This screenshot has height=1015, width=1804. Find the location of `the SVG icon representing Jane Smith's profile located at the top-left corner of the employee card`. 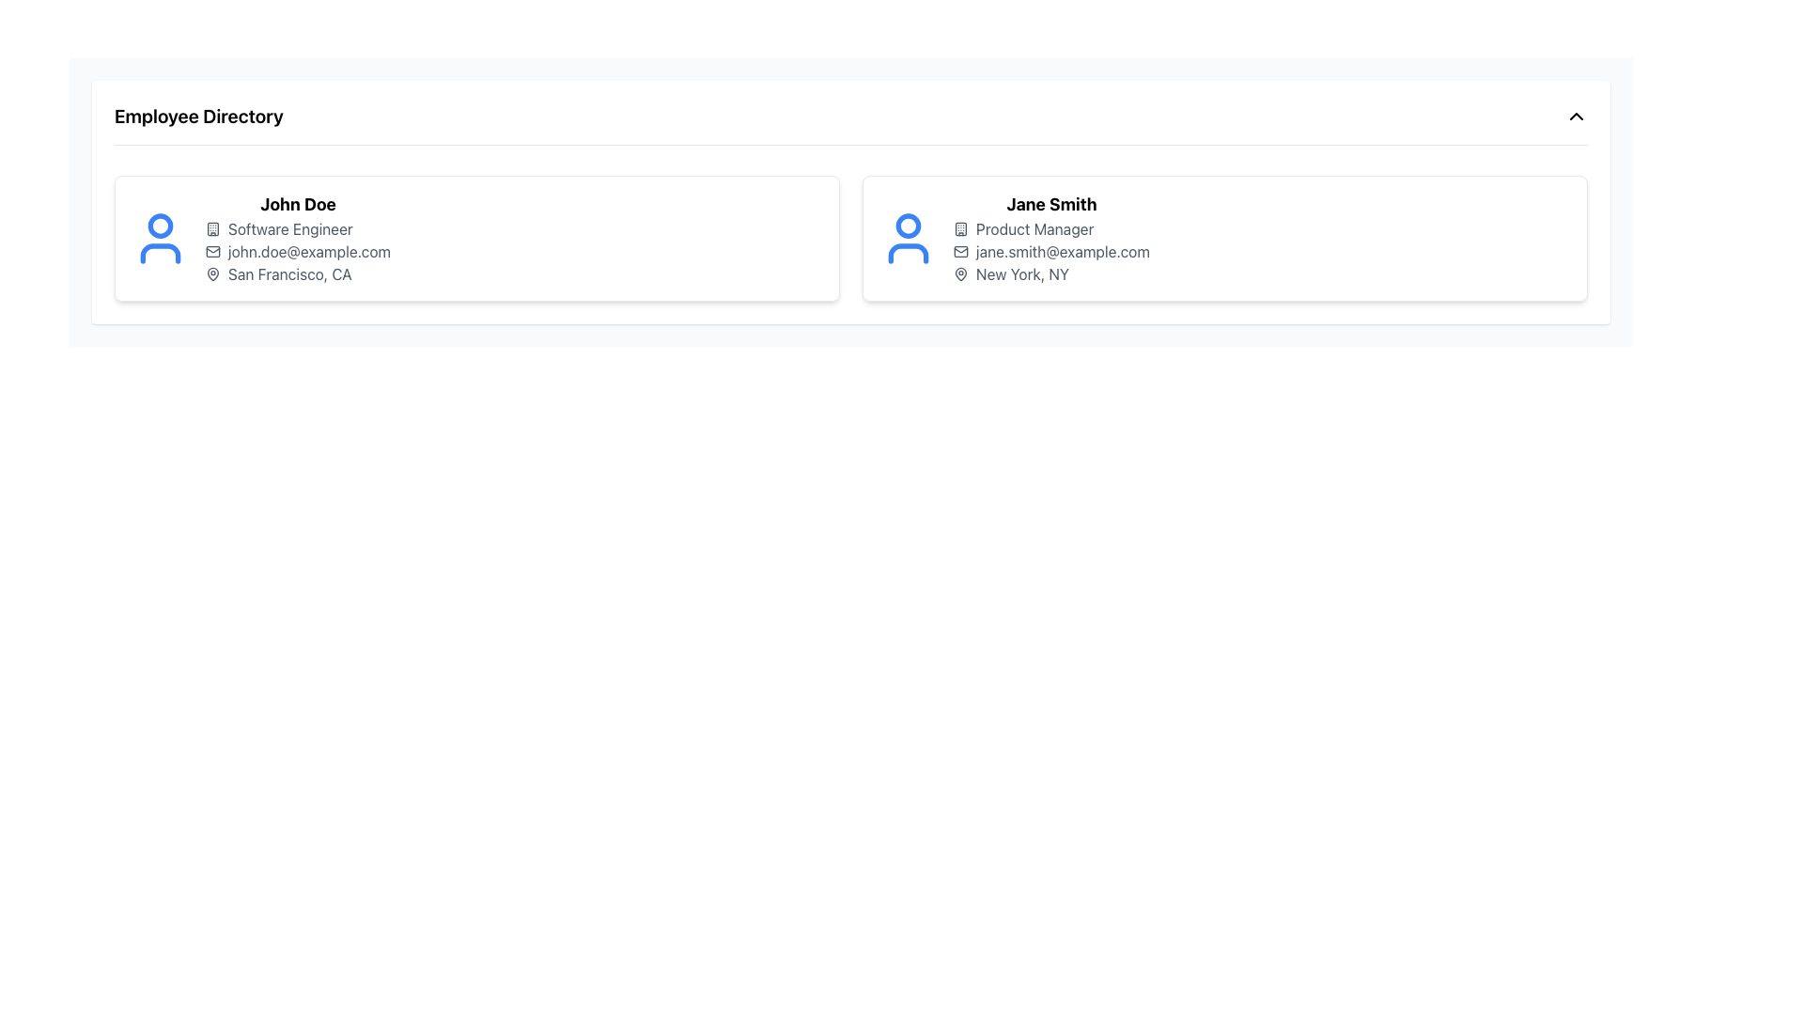

the SVG icon representing Jane Smith's profile located at the top-left corner of the employee card is located at coordinates (908, 238).